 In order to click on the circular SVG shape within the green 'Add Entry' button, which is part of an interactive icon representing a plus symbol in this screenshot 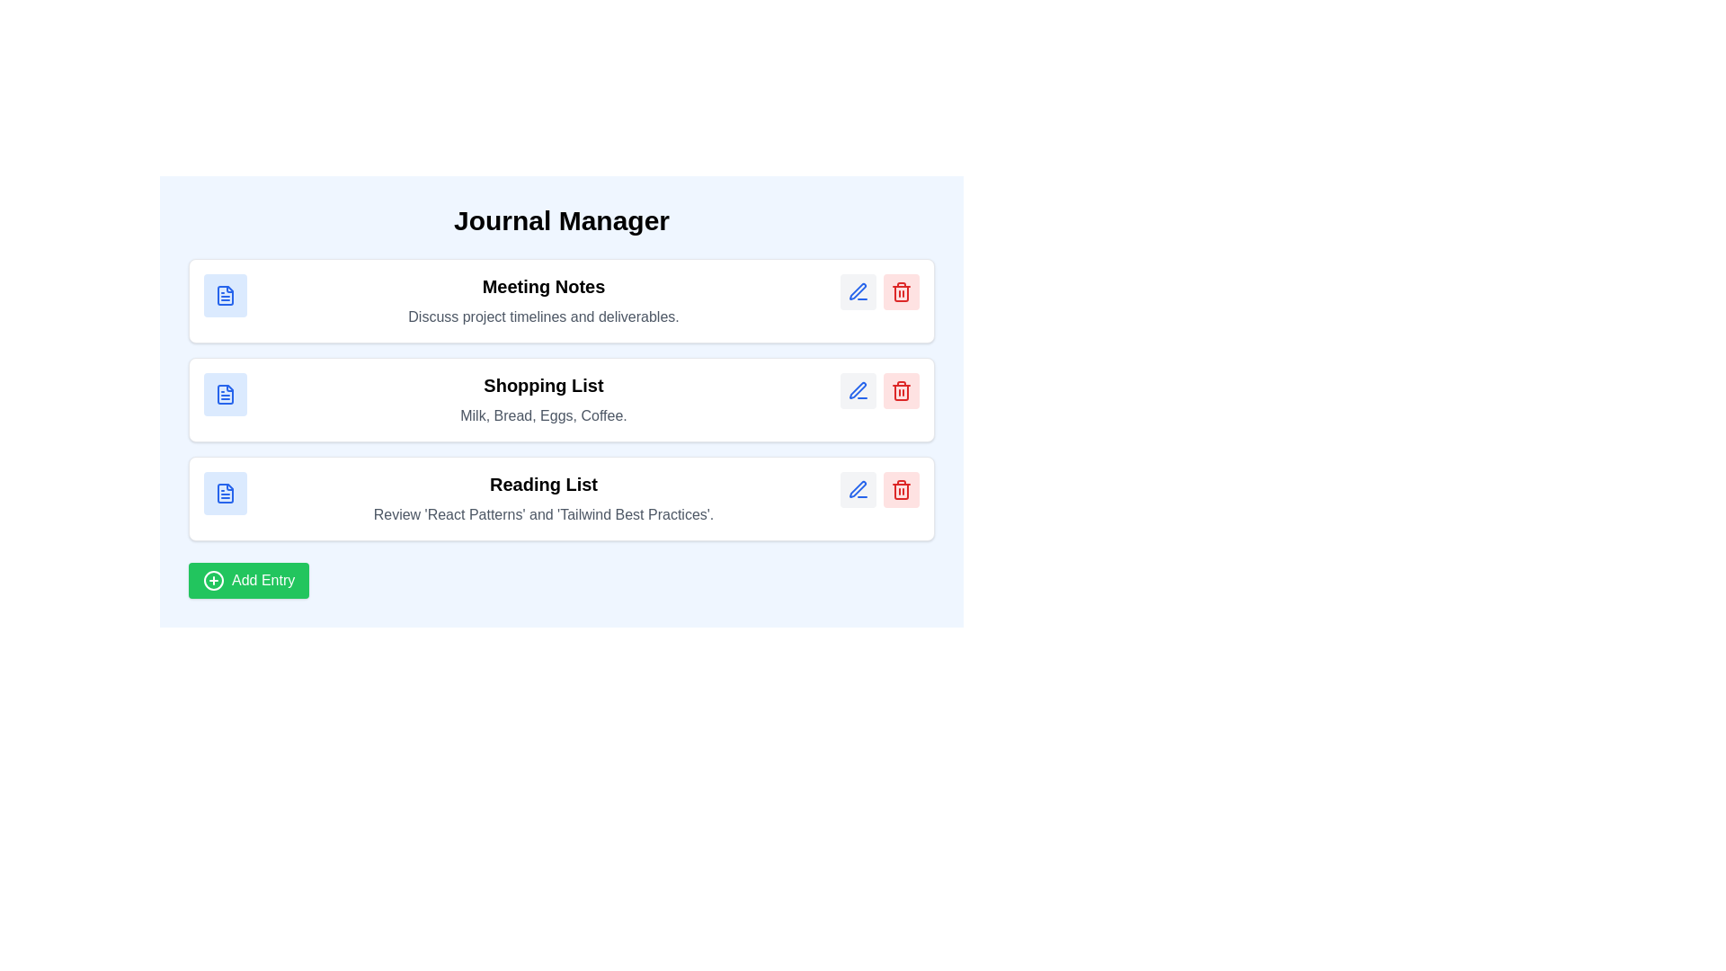, I will do `click(214, 580)`.